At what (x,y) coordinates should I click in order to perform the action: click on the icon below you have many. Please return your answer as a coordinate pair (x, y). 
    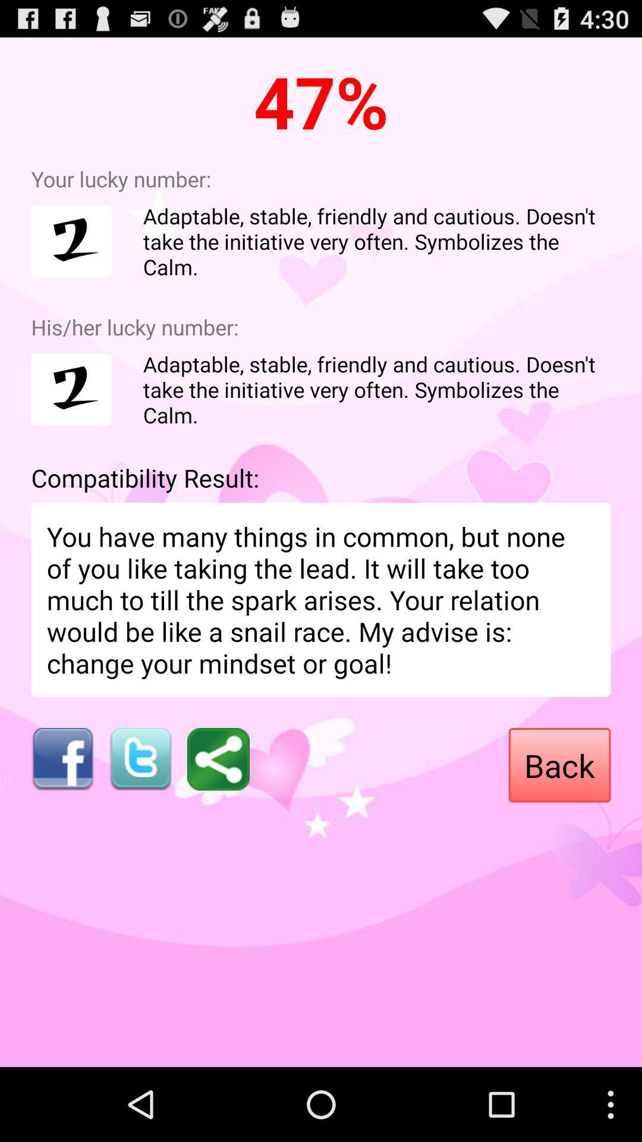
    Looking at the image, I should click on (559, 765).